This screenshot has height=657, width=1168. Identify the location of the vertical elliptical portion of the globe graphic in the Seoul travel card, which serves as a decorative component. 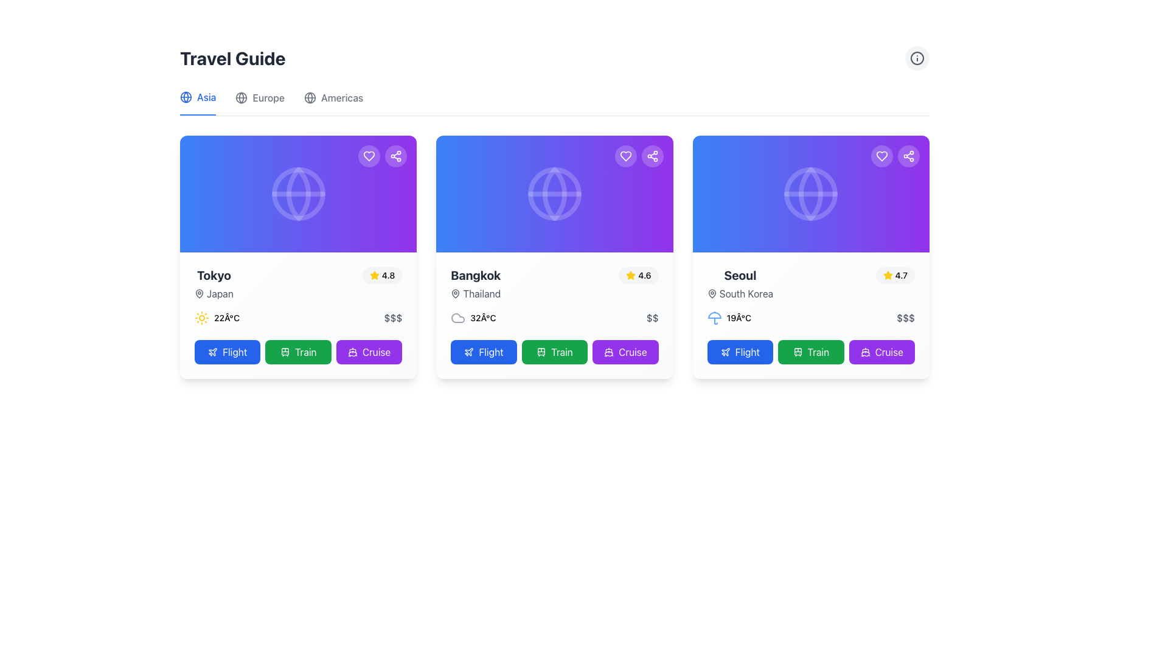
(811, 193).